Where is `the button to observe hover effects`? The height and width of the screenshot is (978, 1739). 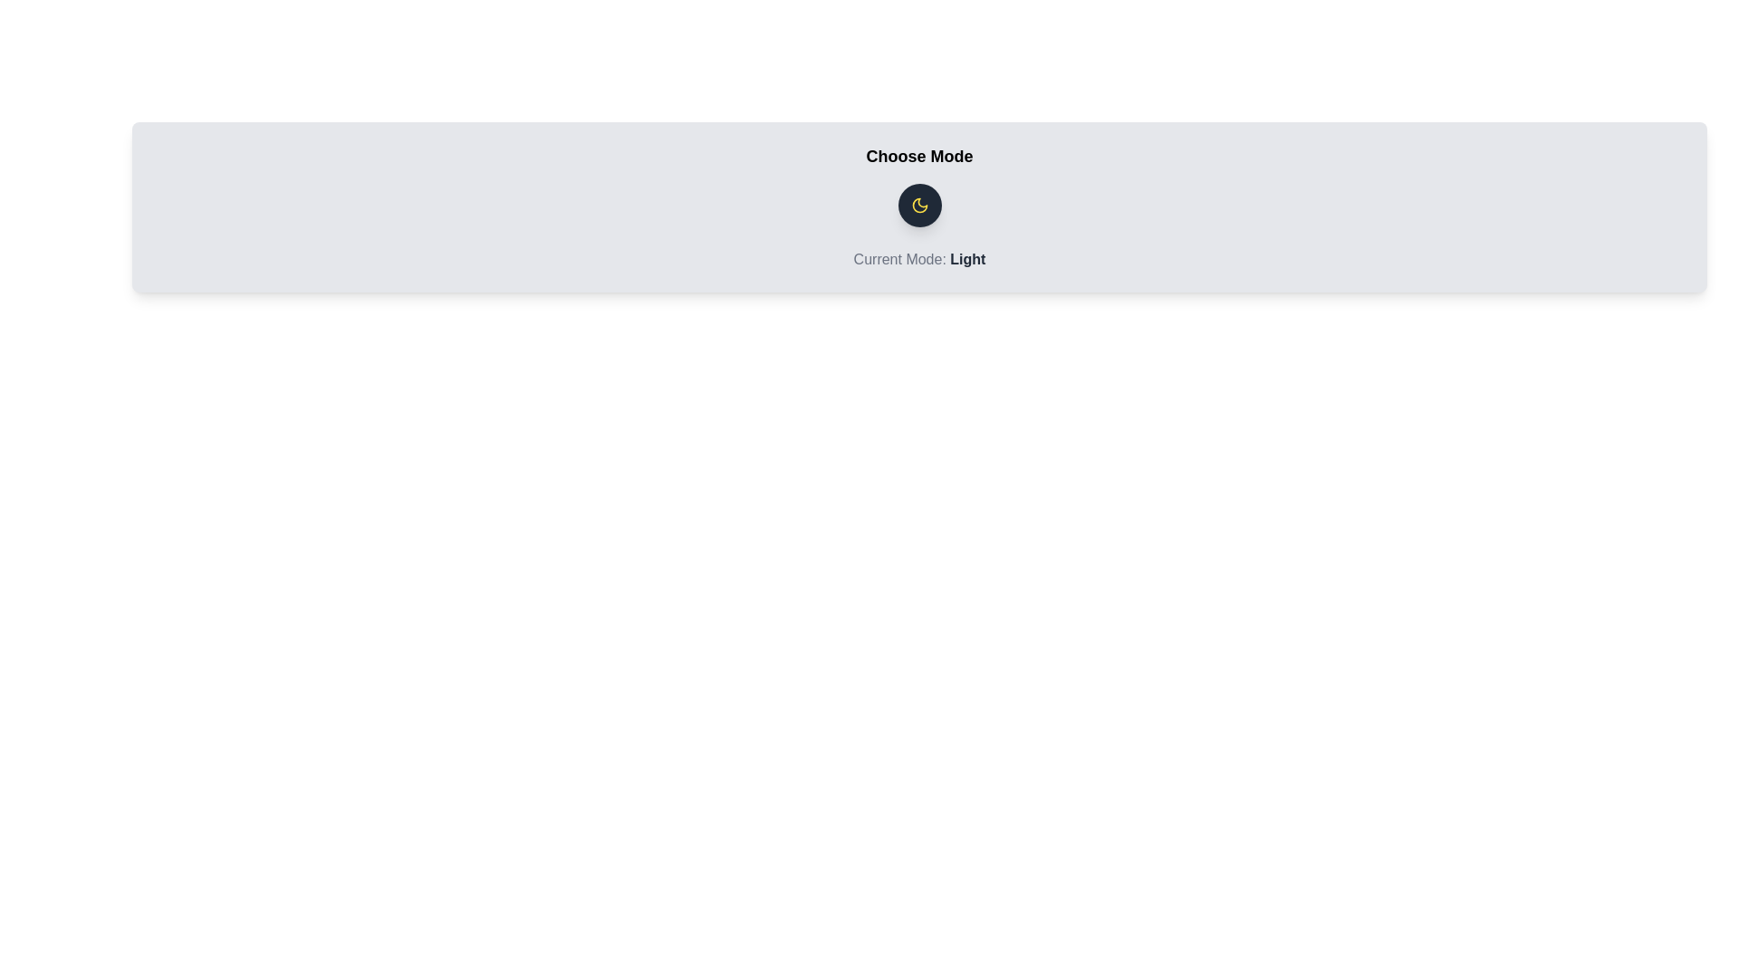
the button to observe hover effects is located at coordinates (919, 205).